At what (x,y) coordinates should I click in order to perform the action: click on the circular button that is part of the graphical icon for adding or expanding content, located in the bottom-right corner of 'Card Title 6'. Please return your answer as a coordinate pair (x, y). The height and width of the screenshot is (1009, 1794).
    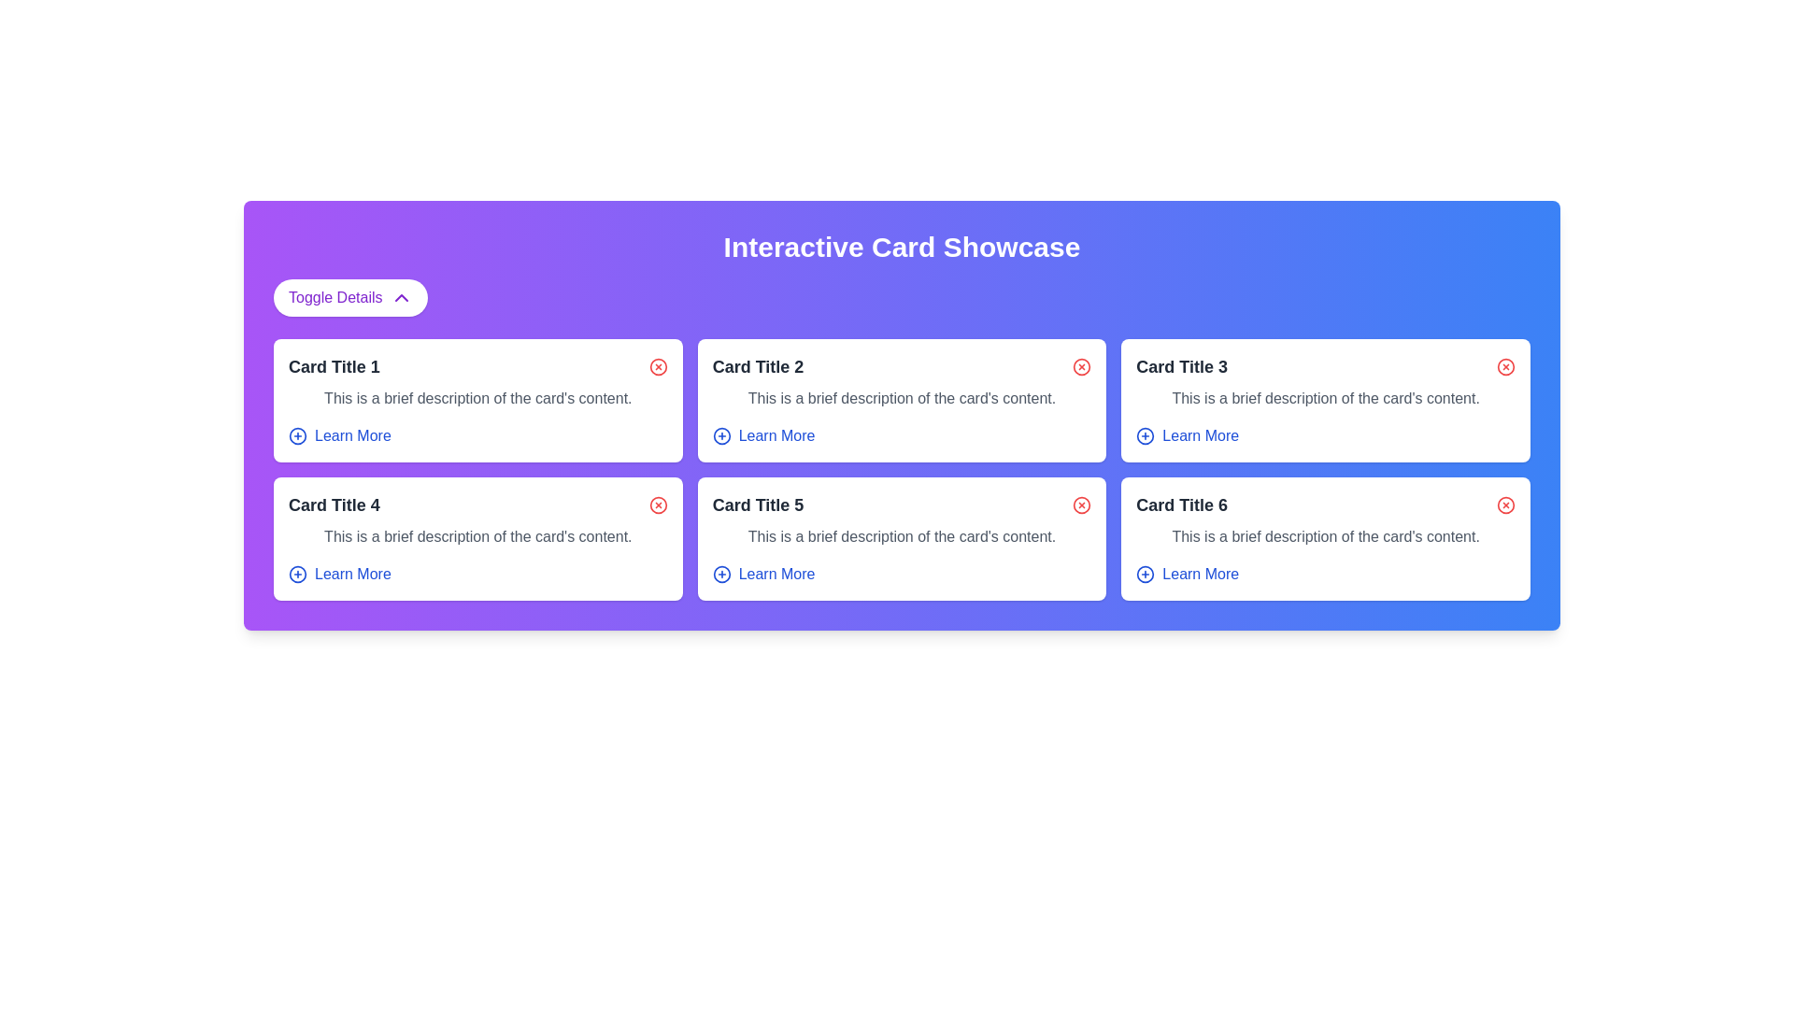
    Looking at the image, I should click on (1145, 573).